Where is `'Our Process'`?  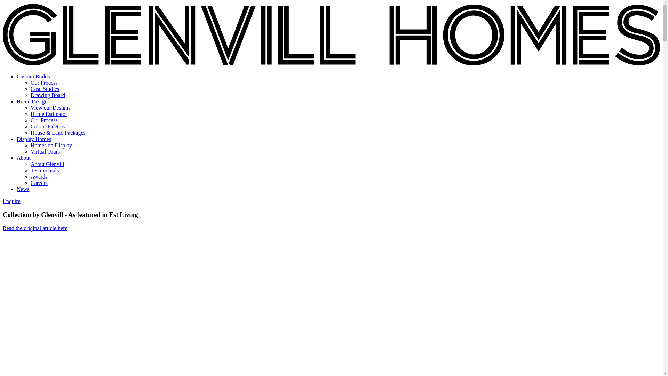 'Our Process' is located at coordinates (43, 120).